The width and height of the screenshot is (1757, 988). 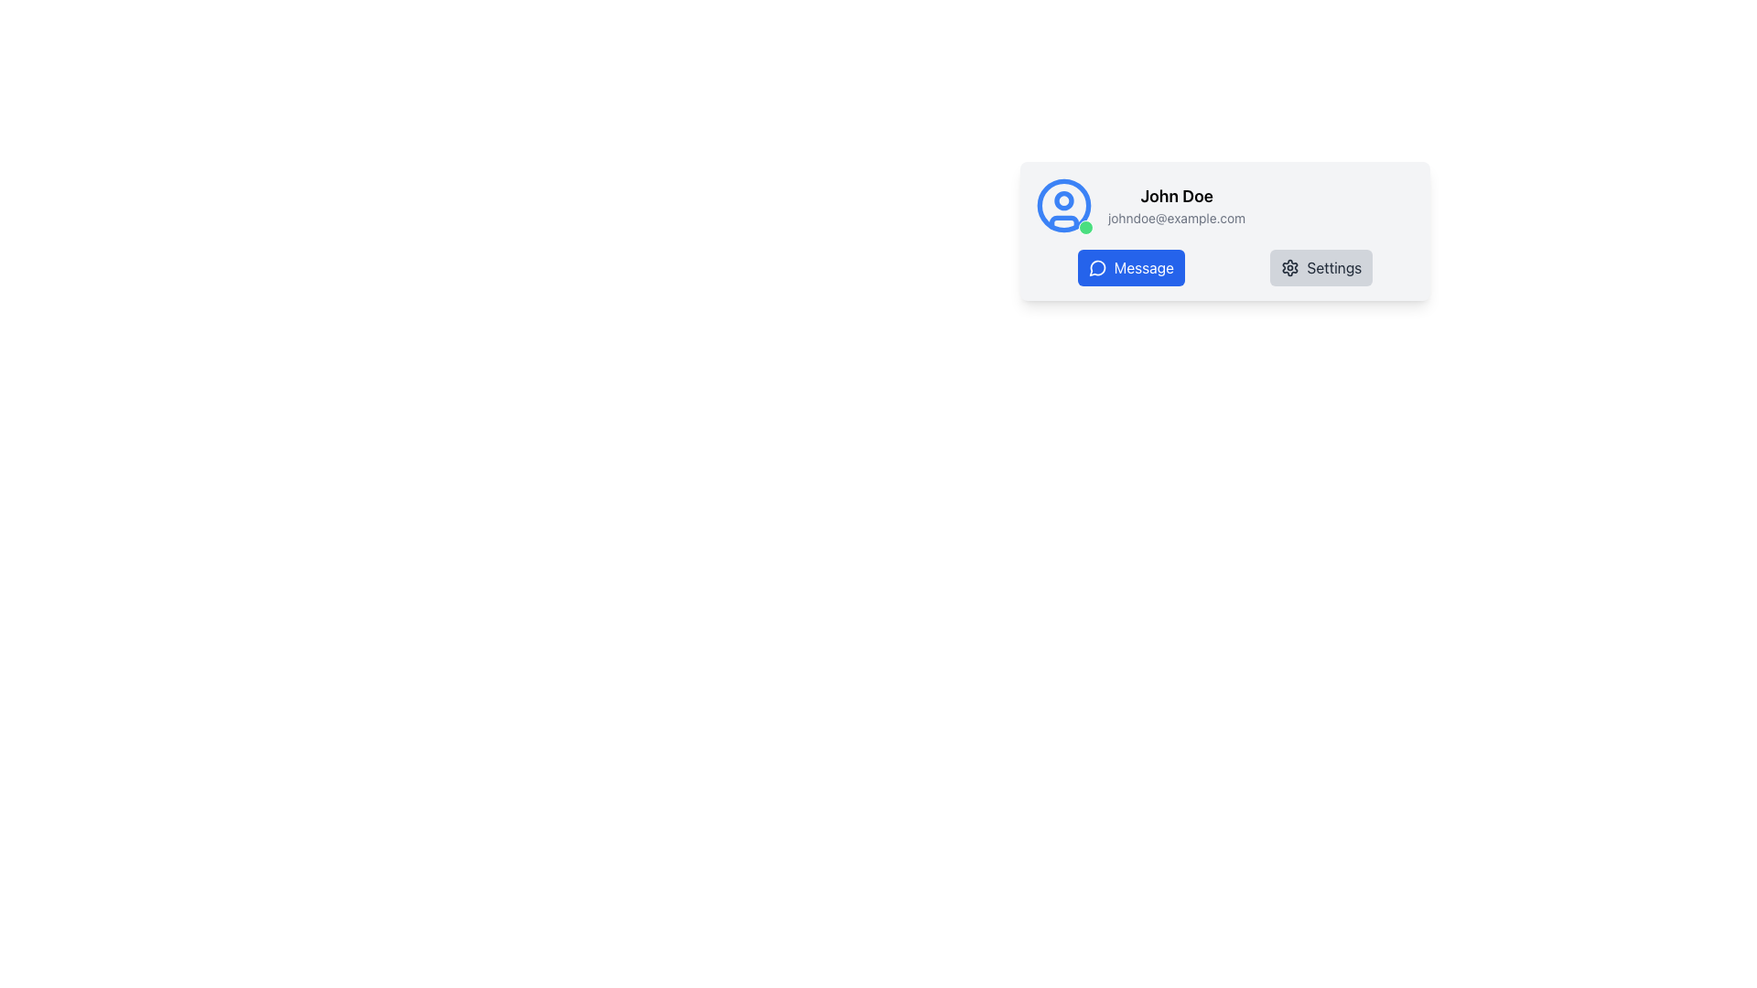 What do you see at coordinates (1097, 268) in the screenshot?
I see `the circular icon resembling a speech bubble with a blue outline, located to the left of the 'Message' label in the button` at bounding box center [1097, 268].